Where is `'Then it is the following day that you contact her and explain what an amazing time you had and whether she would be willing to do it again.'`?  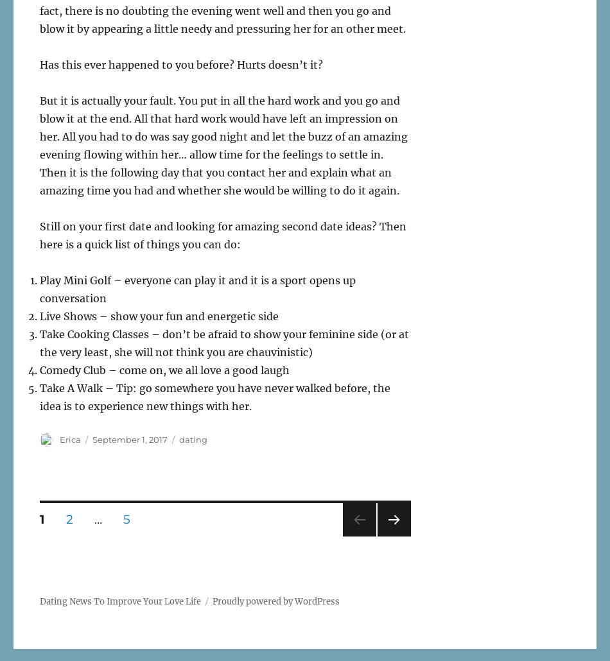
'Then it is the following day that you contact her and explain what an amazing time you had and whether she would be willing to do it again.' is located at coordinates (219, 181).